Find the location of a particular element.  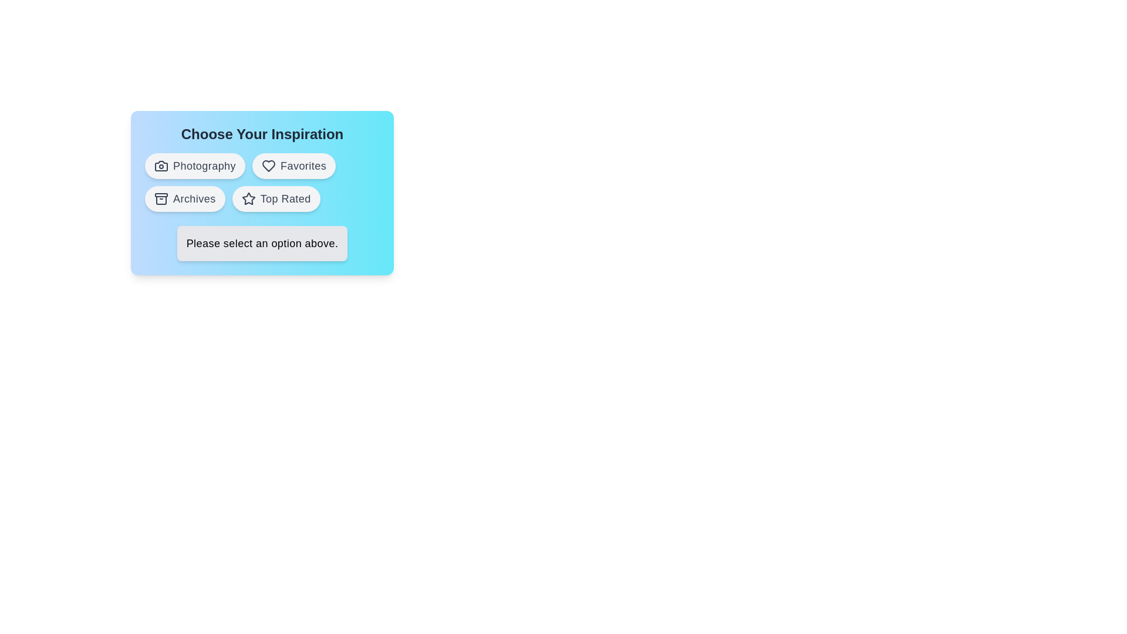

the 'Photography' button is located at coordinates (195, 166).